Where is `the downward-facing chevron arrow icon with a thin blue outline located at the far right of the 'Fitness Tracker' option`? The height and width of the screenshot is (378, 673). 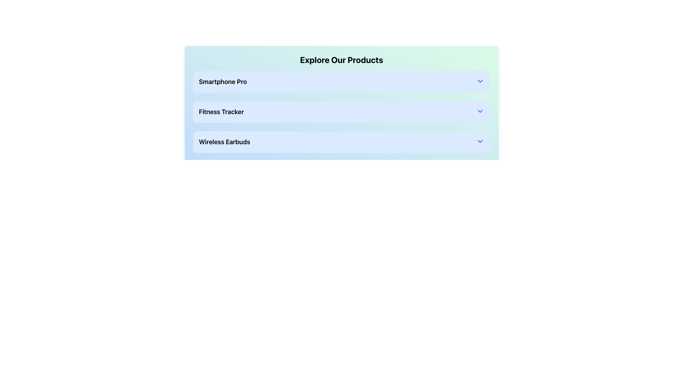
the downward-facing chevron arrow icon with a thin blue outline located at the far right of the 'Fitness Tracker' option is located at coordinates (480, 111).